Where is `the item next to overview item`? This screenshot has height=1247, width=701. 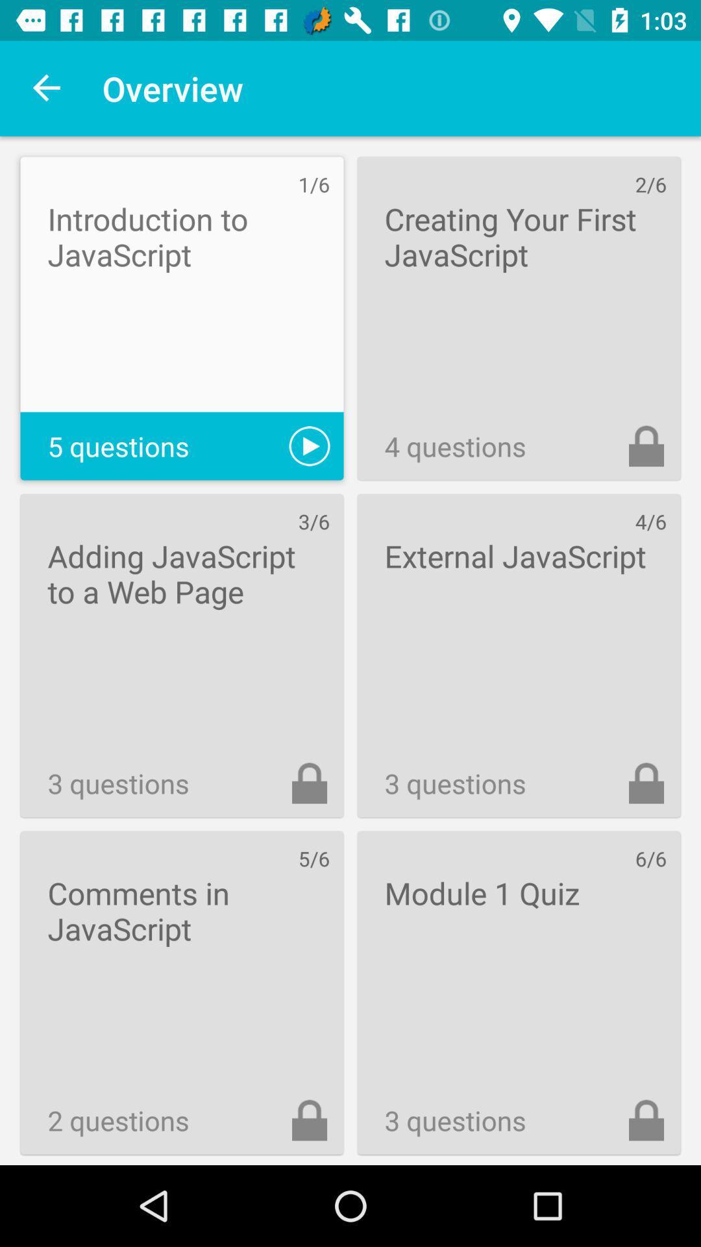
the item next to overview item is located at coordinates (47, 88).